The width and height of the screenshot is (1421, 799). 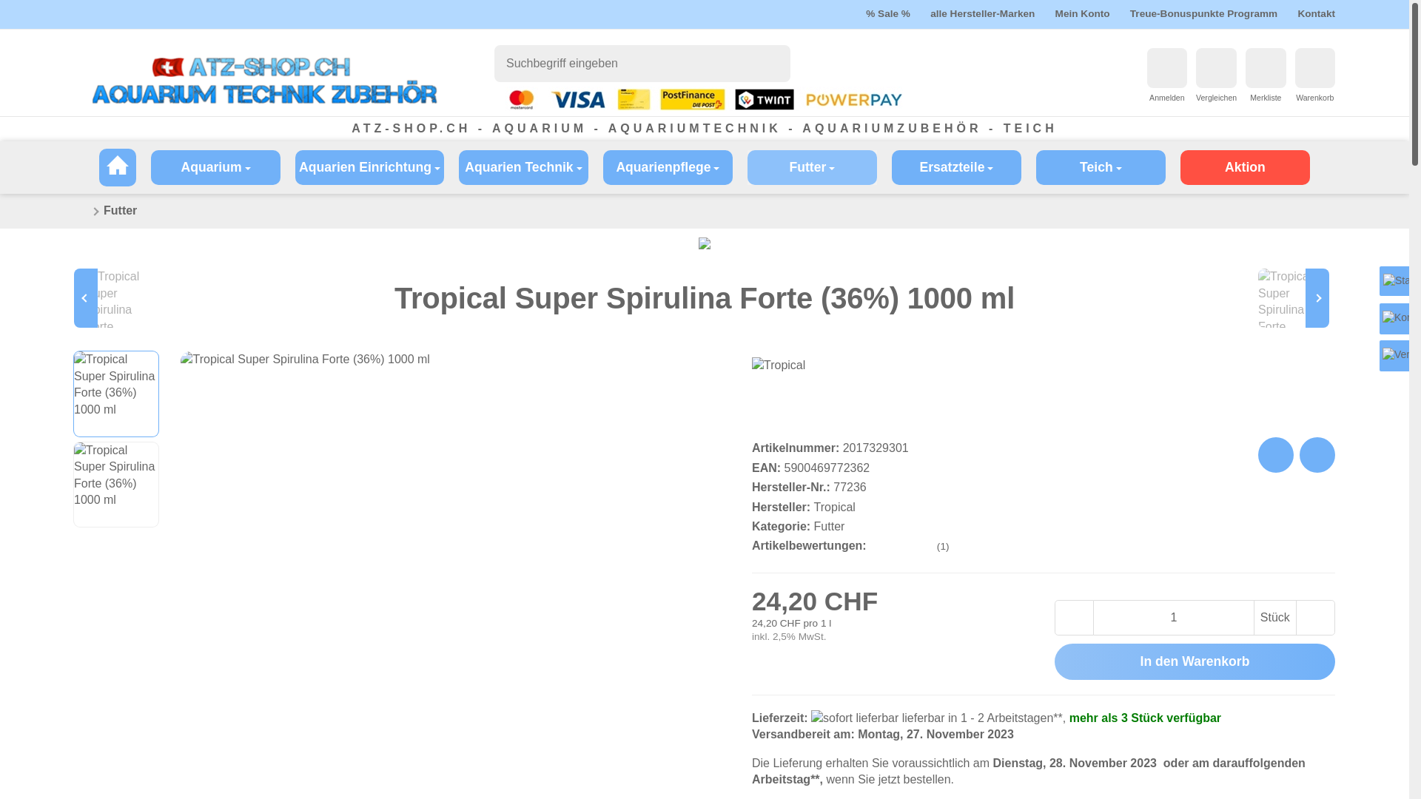 I want to click on 'Anmelden', so click(x=1166, y=68).